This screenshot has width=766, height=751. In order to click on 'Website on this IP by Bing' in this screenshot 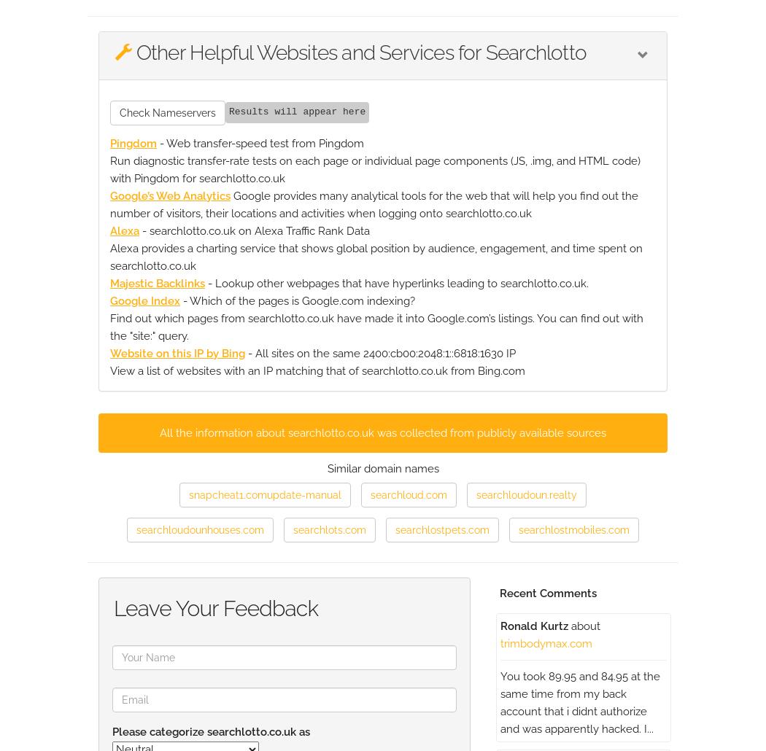, I will do `click(177, 351)`.